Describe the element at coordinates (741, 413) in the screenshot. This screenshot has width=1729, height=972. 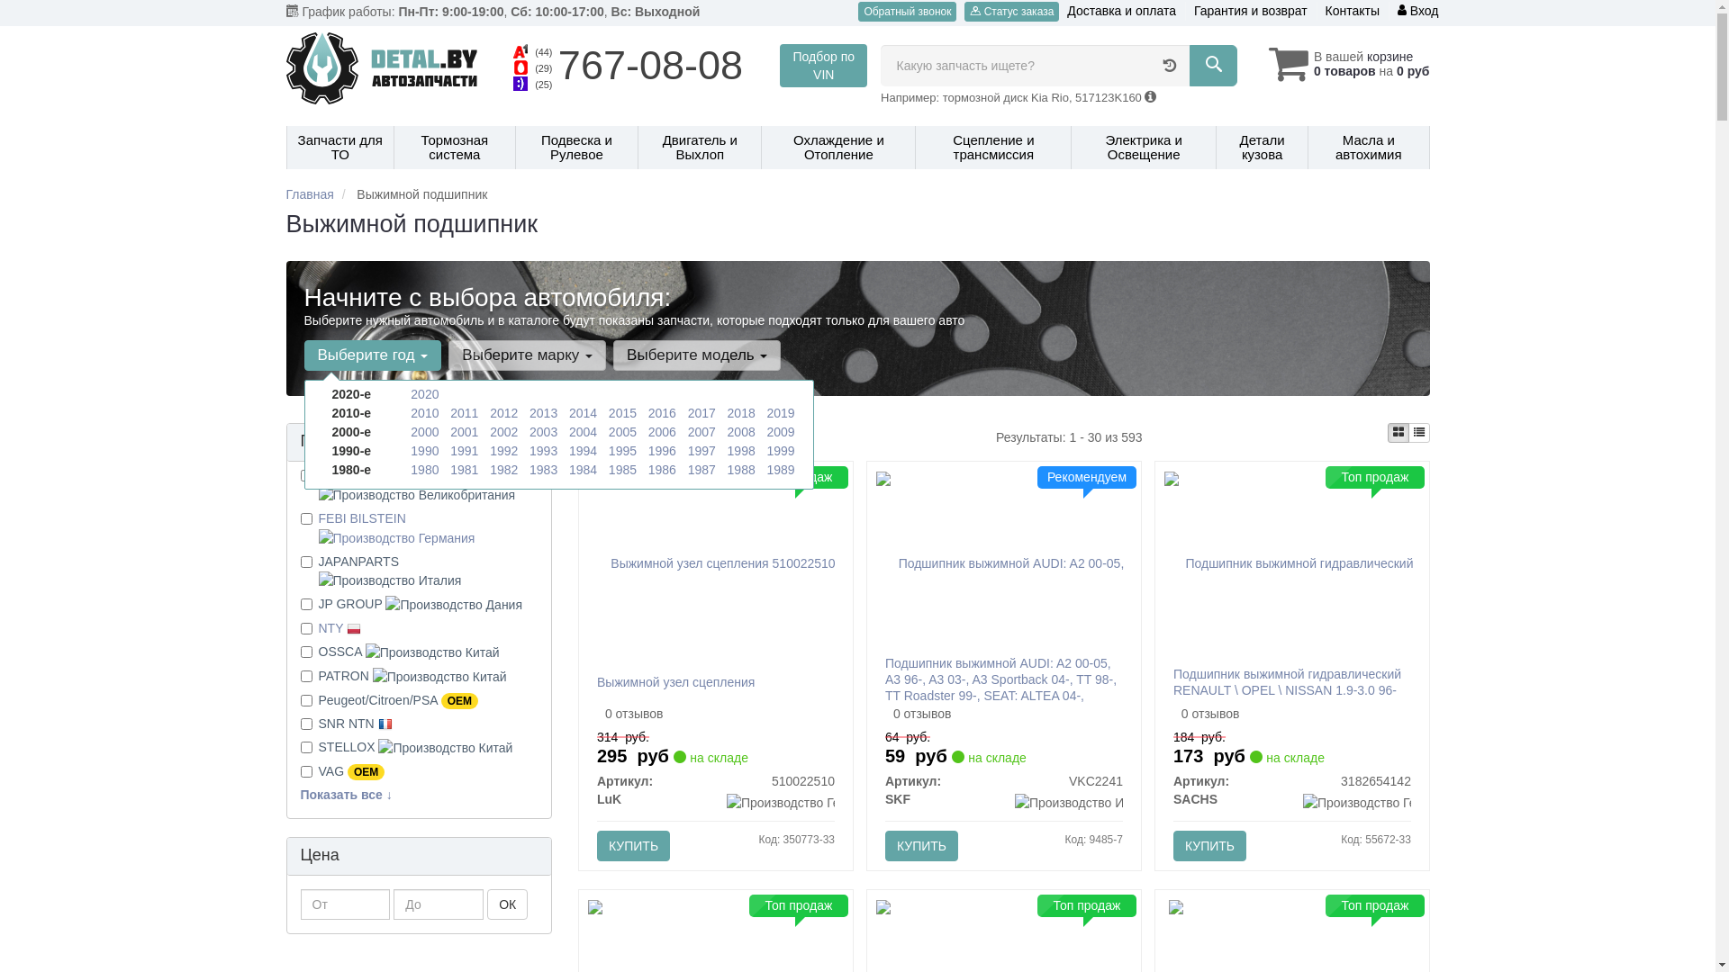
I see `'2018'` at that location.